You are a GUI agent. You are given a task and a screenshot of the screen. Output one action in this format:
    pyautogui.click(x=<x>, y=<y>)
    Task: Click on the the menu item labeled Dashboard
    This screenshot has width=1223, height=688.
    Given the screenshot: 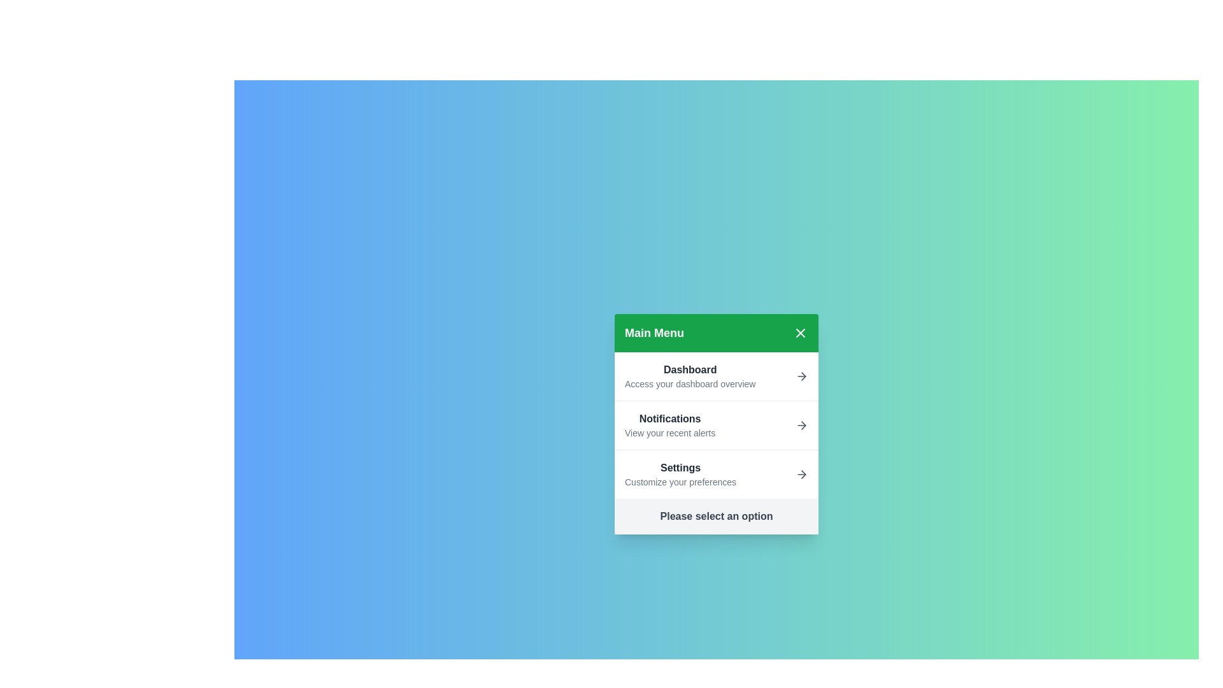 What is the action you would take?
    pyautogui.click(x=716, y=375)
    